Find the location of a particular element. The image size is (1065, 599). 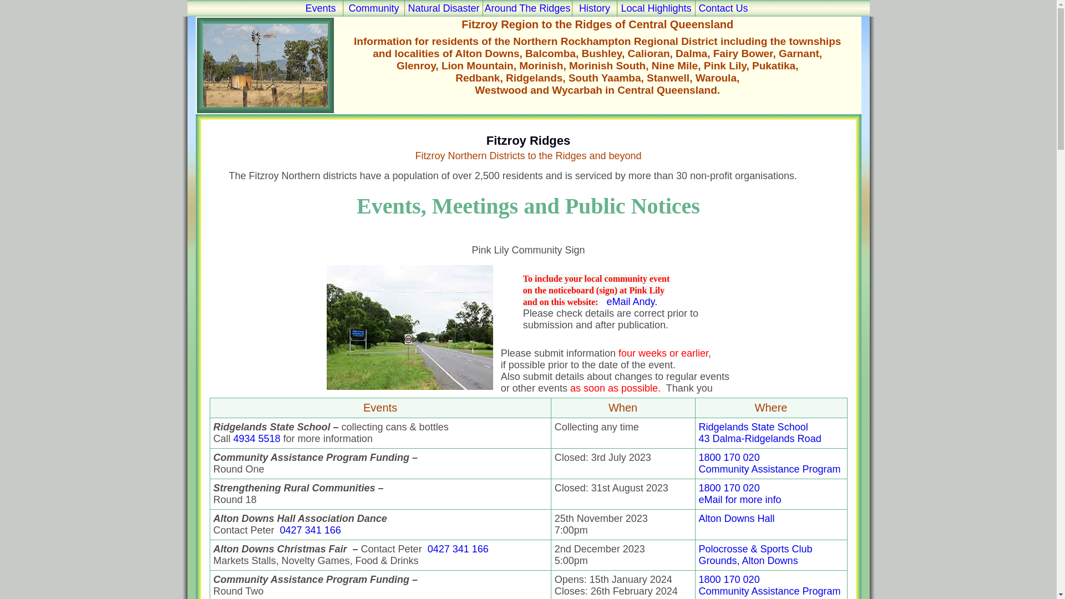

'Events' is located at coordinates (298, 8).